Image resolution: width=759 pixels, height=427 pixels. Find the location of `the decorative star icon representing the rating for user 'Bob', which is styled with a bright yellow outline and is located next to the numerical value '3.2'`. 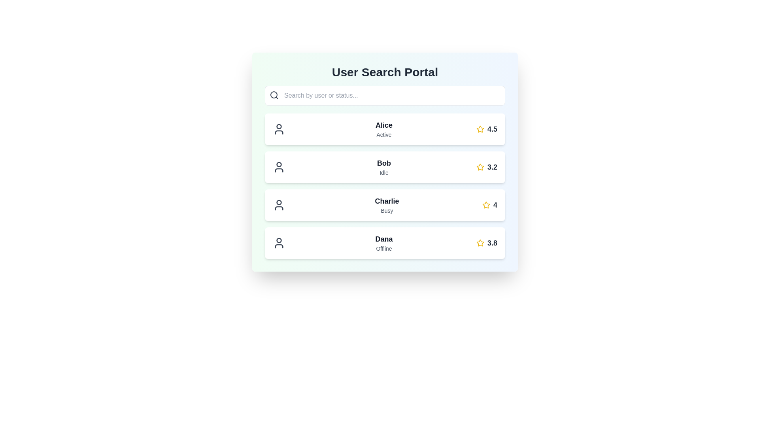

the decorative star icon representing the rating for user 'Bob', which is styled with a bright yellow outline and is located next to the numerical value '3.2' is located at coordinates (480, 167).